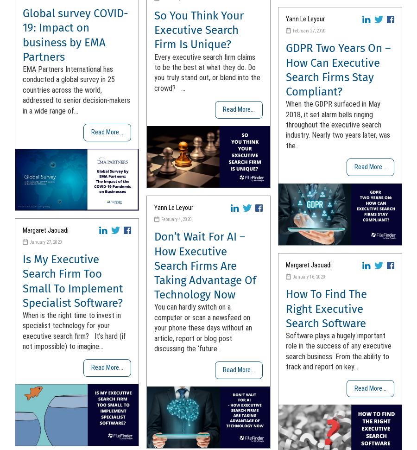 Image resolution: width=417 pixels, height=450 pixels. Describe the element at coordinates (154, 266) in the screenshot. I see `'Don’t Wait For AI – How Executive Search Firms Are Taking Advantage Of Technology Now'` at that location.